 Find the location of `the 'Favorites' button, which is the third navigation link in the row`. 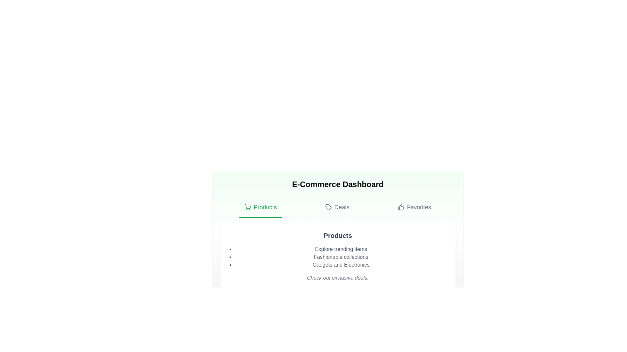

the 'Favorites' button, which is the third navigation link in the row is located at coordinates (414, 207).